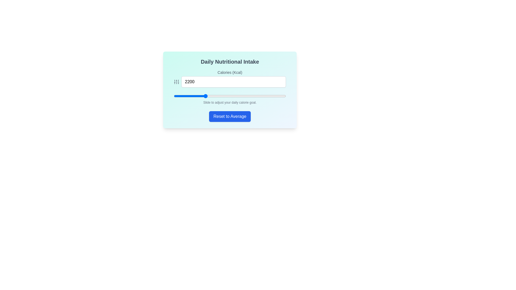 The width and height of the screenshot is (516, 290). What do you see at coordinates (230, 96) in the screenshot?
I see `the range slider that allows users to adjust the daily calorie target value, located below the input field displaying '2200' and above the label 'Slide to adjust your daily calorie goal.'` at bounding box center [230, 96].